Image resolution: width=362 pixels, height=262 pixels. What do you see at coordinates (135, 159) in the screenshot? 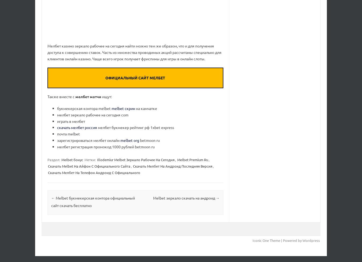
I see `'Illodemiur Melbet Зеркало Рабочее На Сегодня'` at bounding box center [135, 159].